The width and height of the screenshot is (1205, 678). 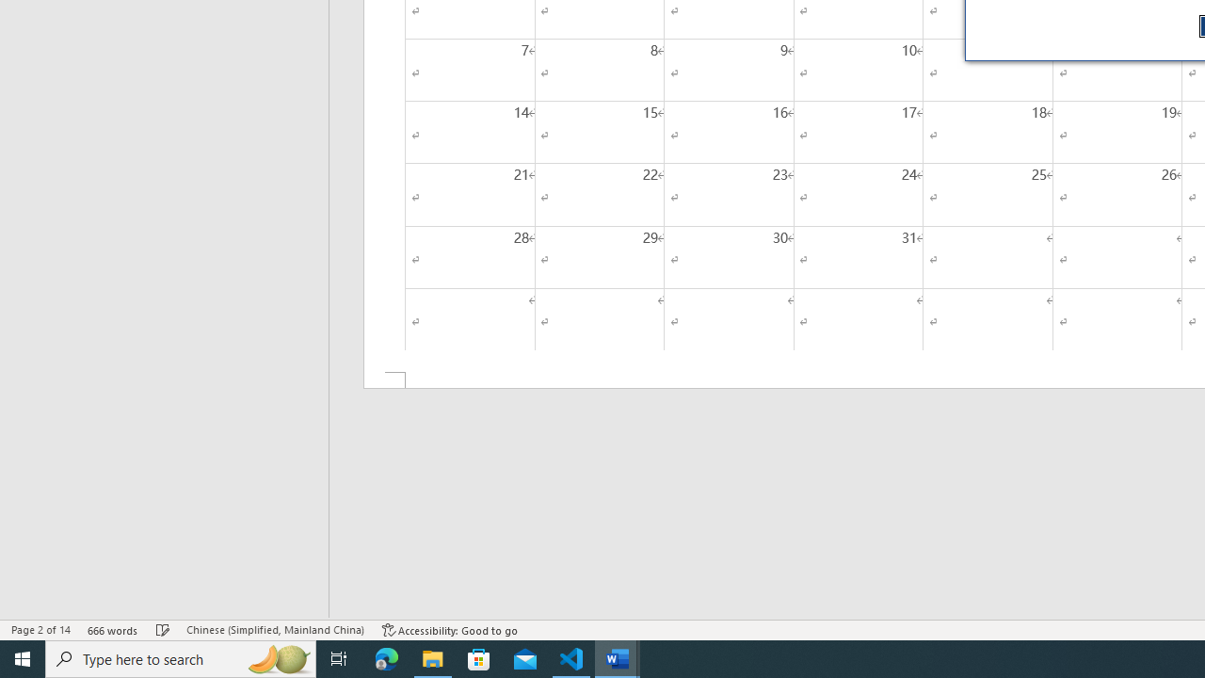 What do you see at coordinates (338, 657) in the screenshot?
I see `'Task View'` at bounding box center [338, 657].